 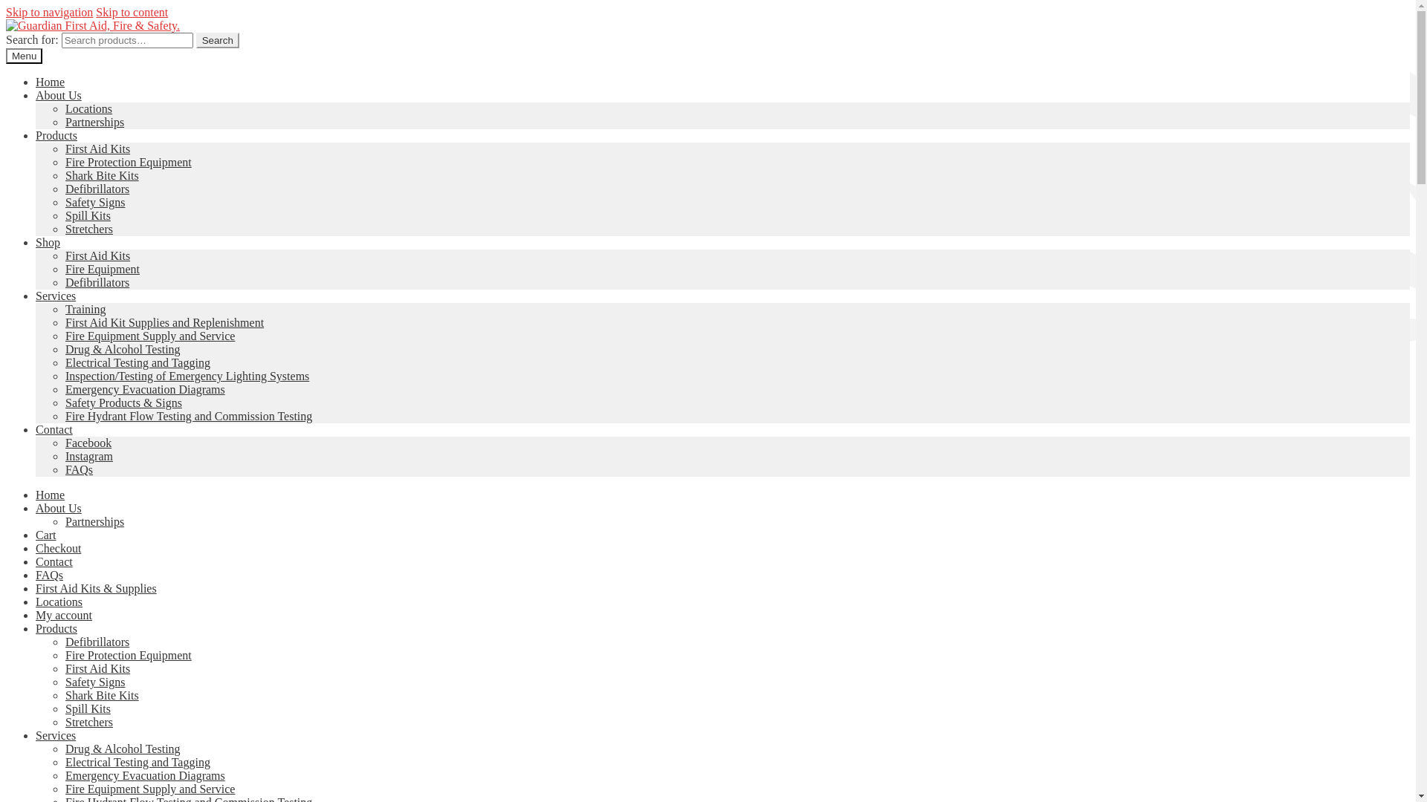 I want to click on 'Defibrillators', so click(x=64, y=188).